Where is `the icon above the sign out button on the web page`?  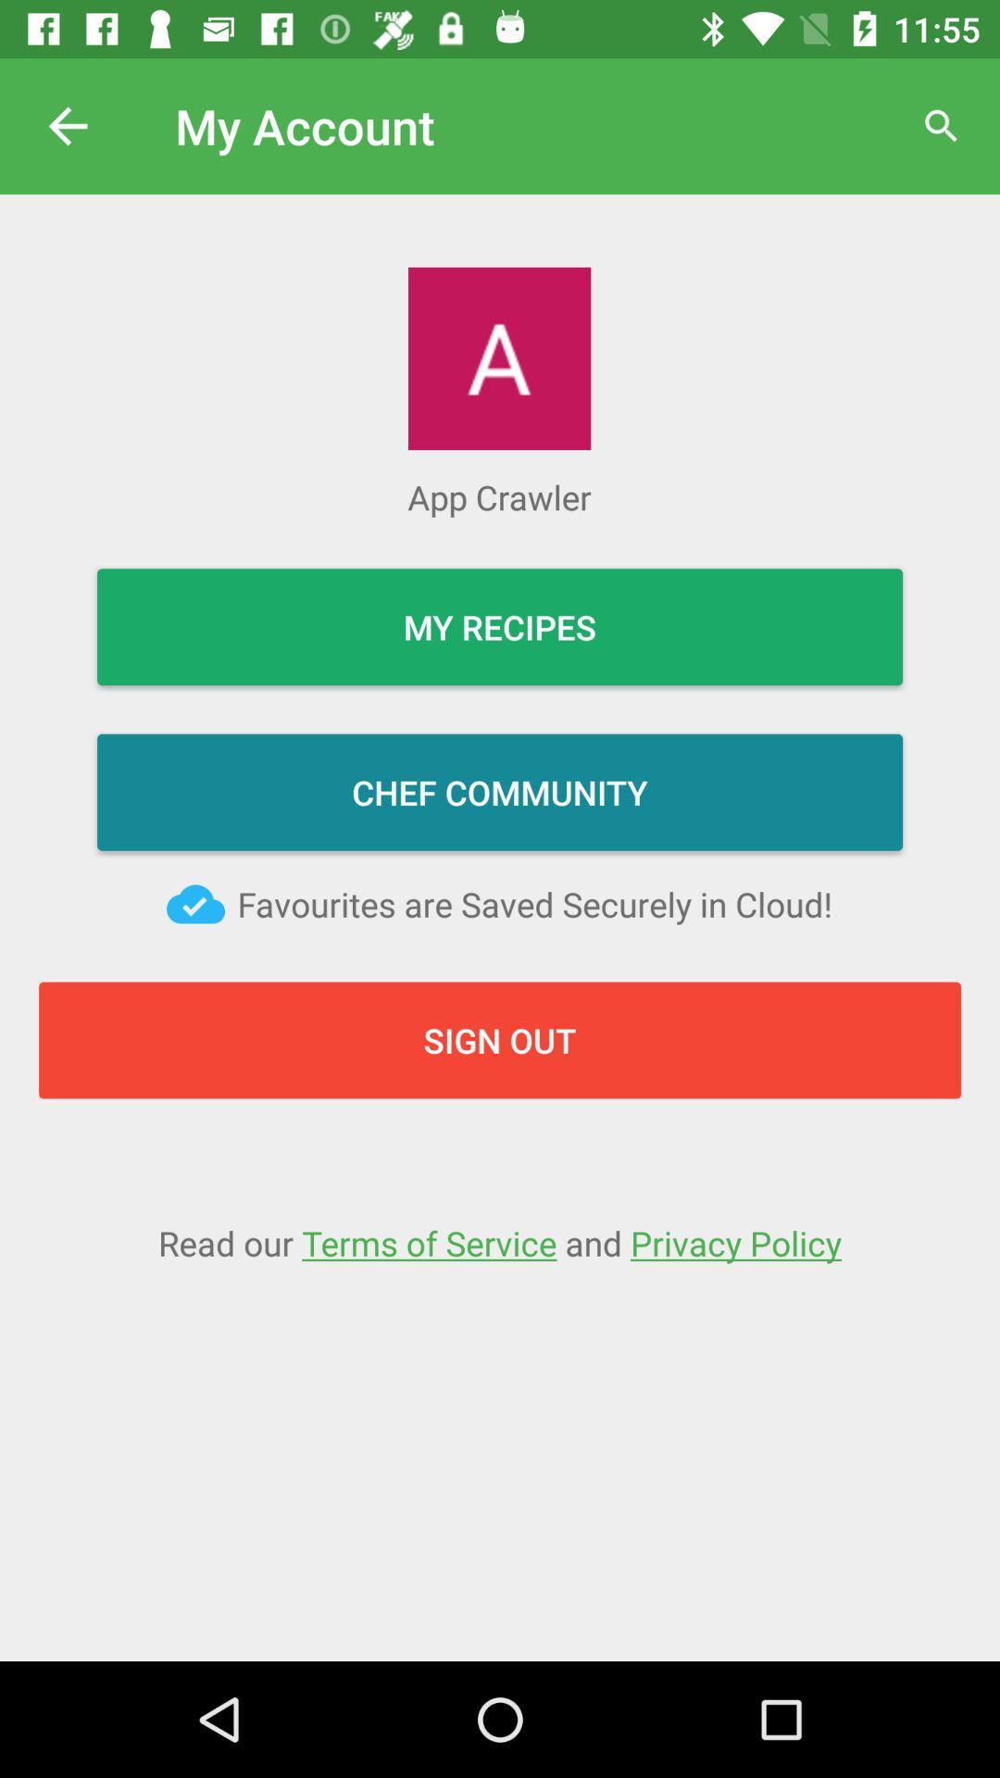 the icon above the sign out button on the web page is located at coordinates (195, 904).